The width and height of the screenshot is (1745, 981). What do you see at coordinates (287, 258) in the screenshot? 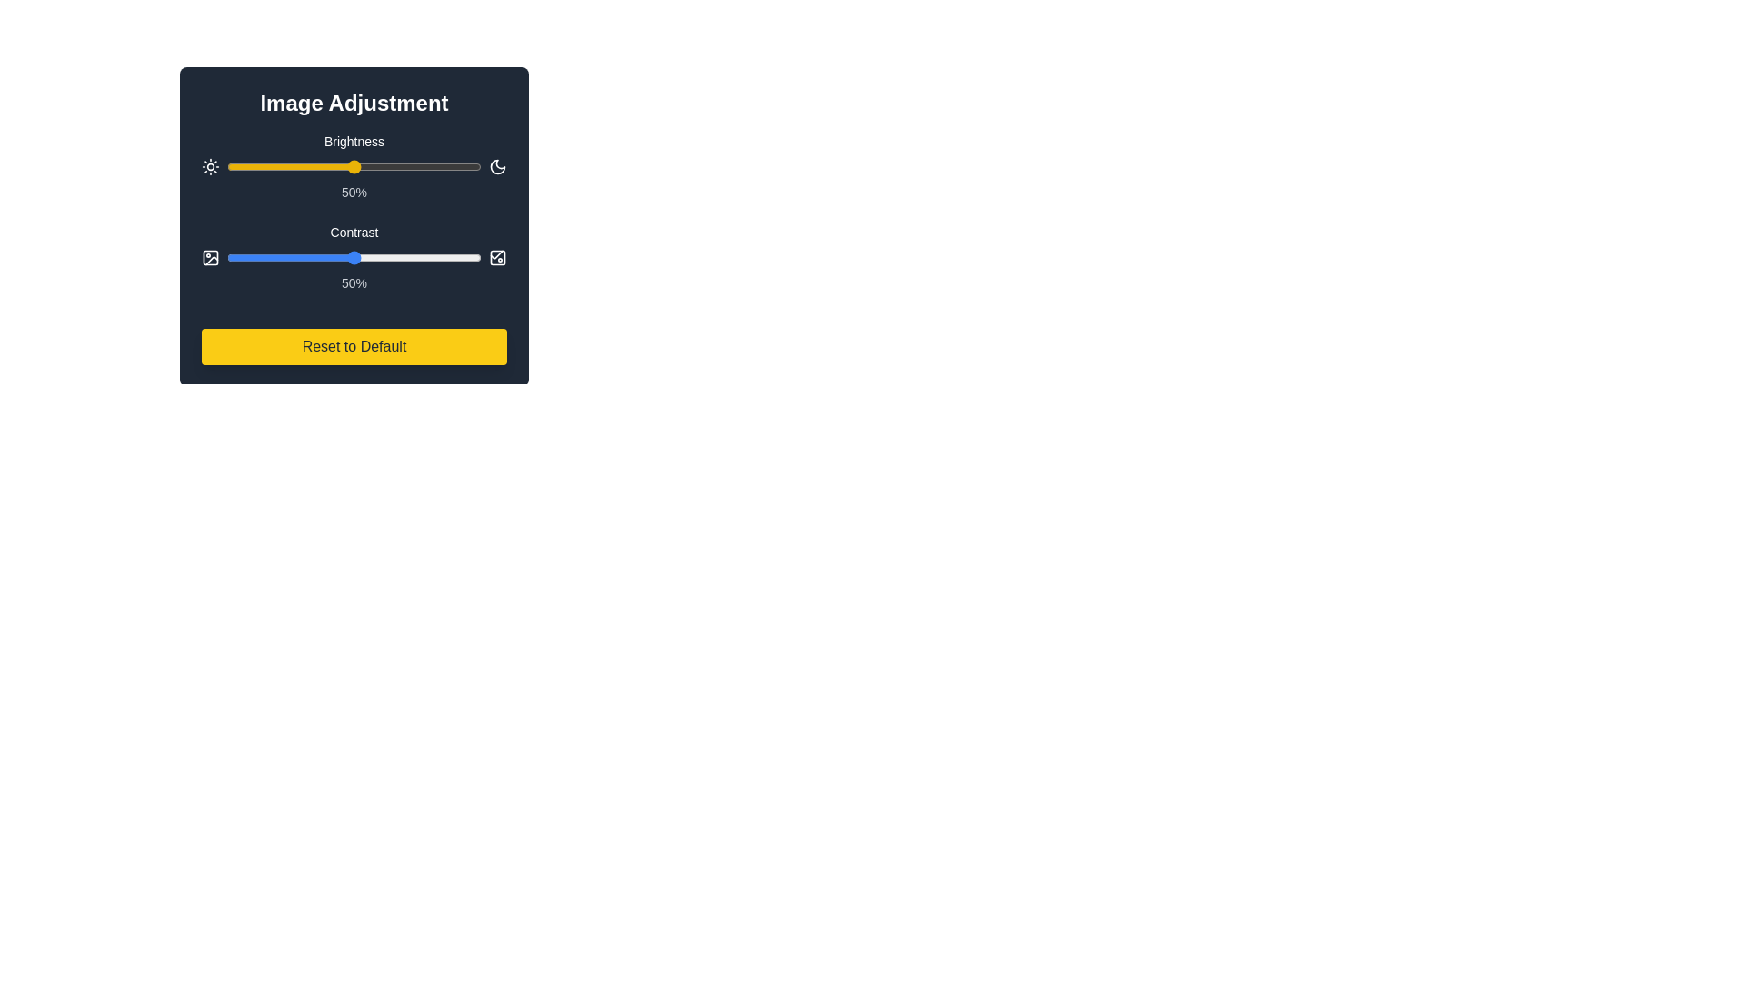
I see `the contrast level` at bounding box center [287, 258].